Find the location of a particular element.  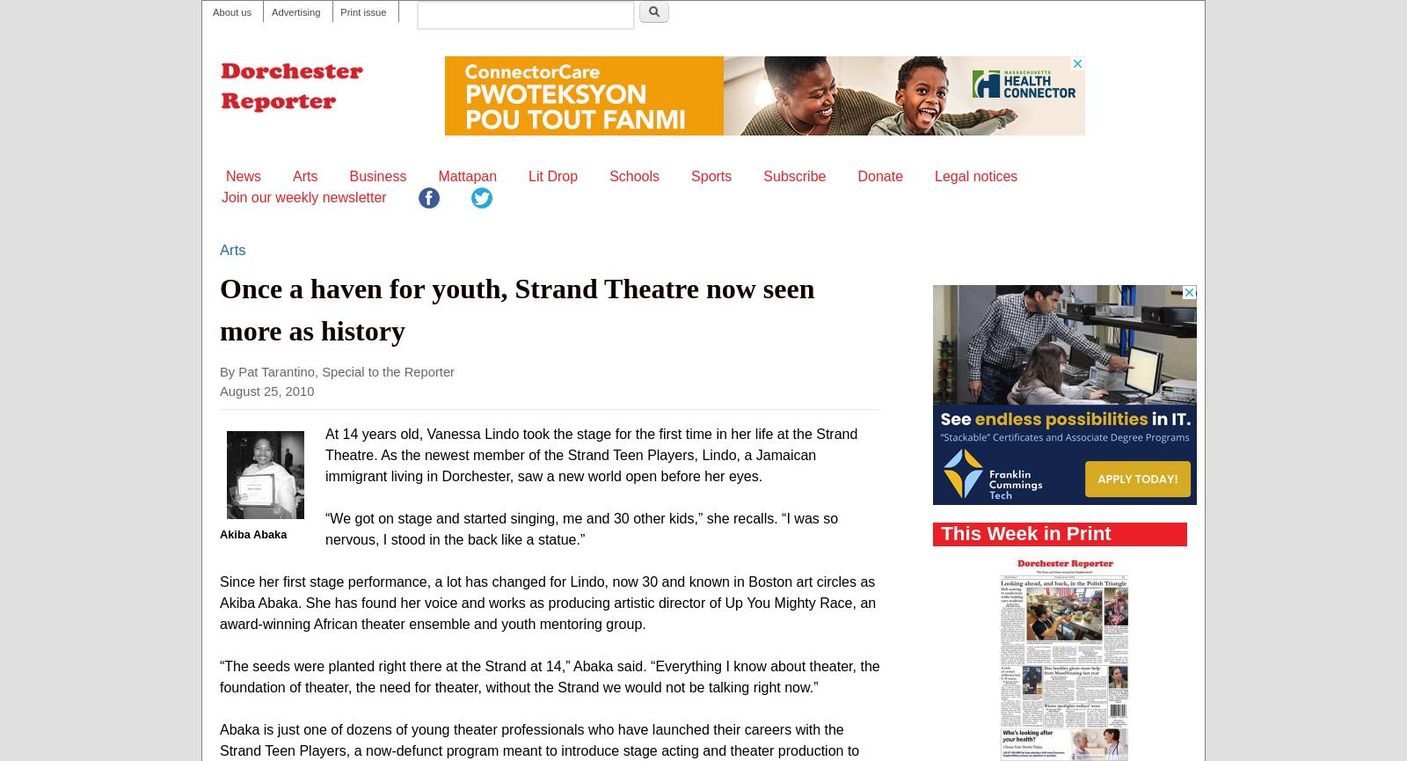

'Akiba Abaka' is located at coordinates (219, 533).